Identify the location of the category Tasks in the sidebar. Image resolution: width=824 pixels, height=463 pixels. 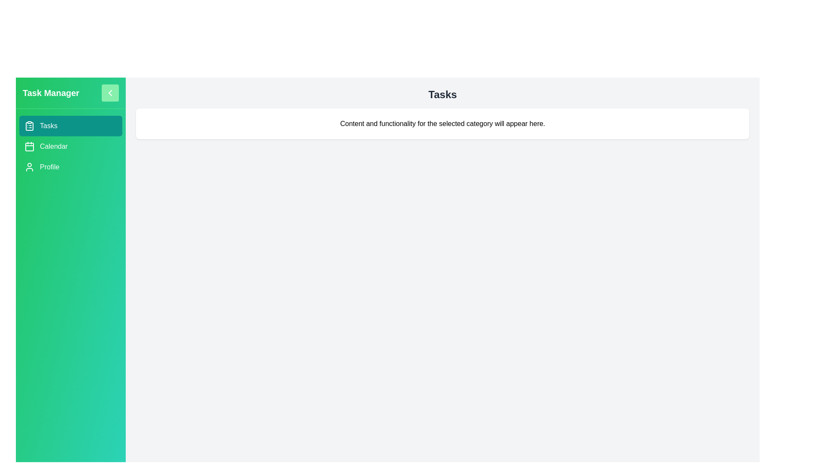
(70, 126).